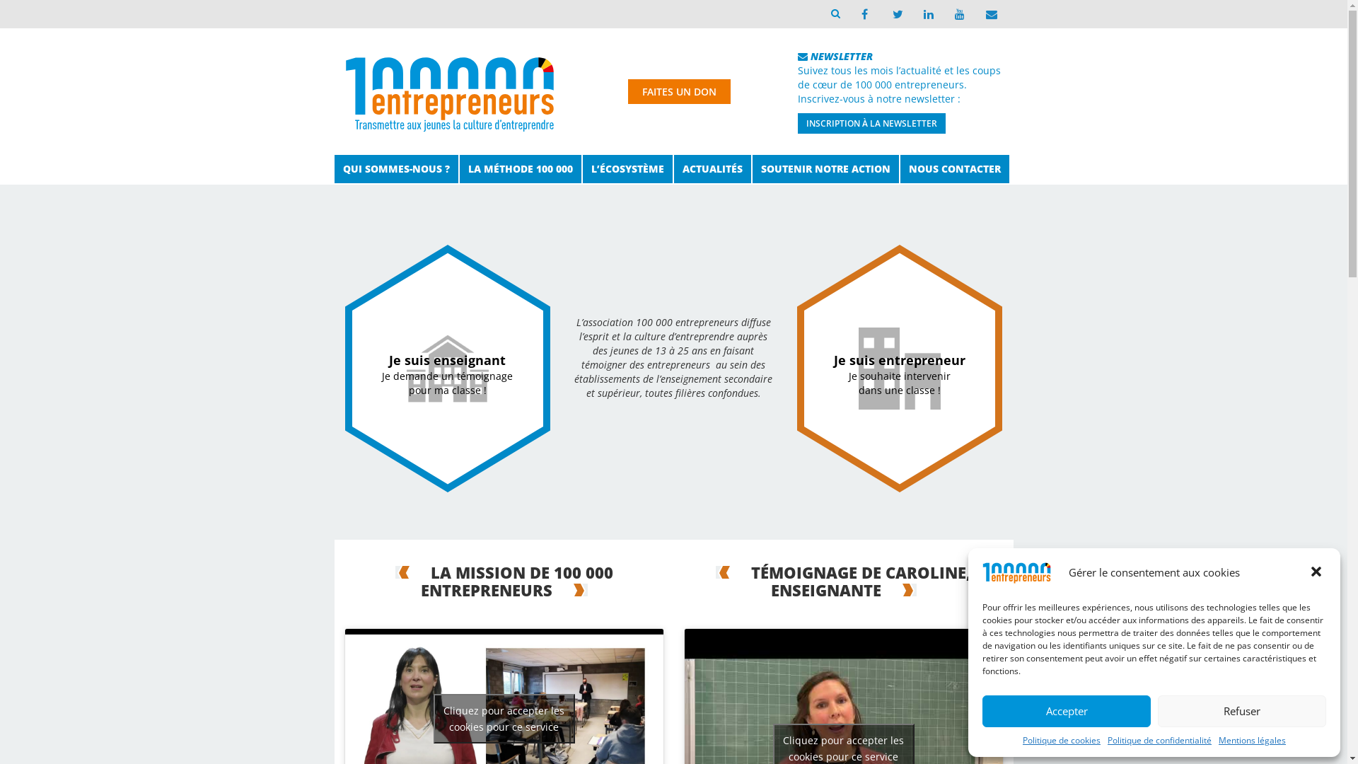  I want to click on 'FAITES UN DON', so click(627, 91).